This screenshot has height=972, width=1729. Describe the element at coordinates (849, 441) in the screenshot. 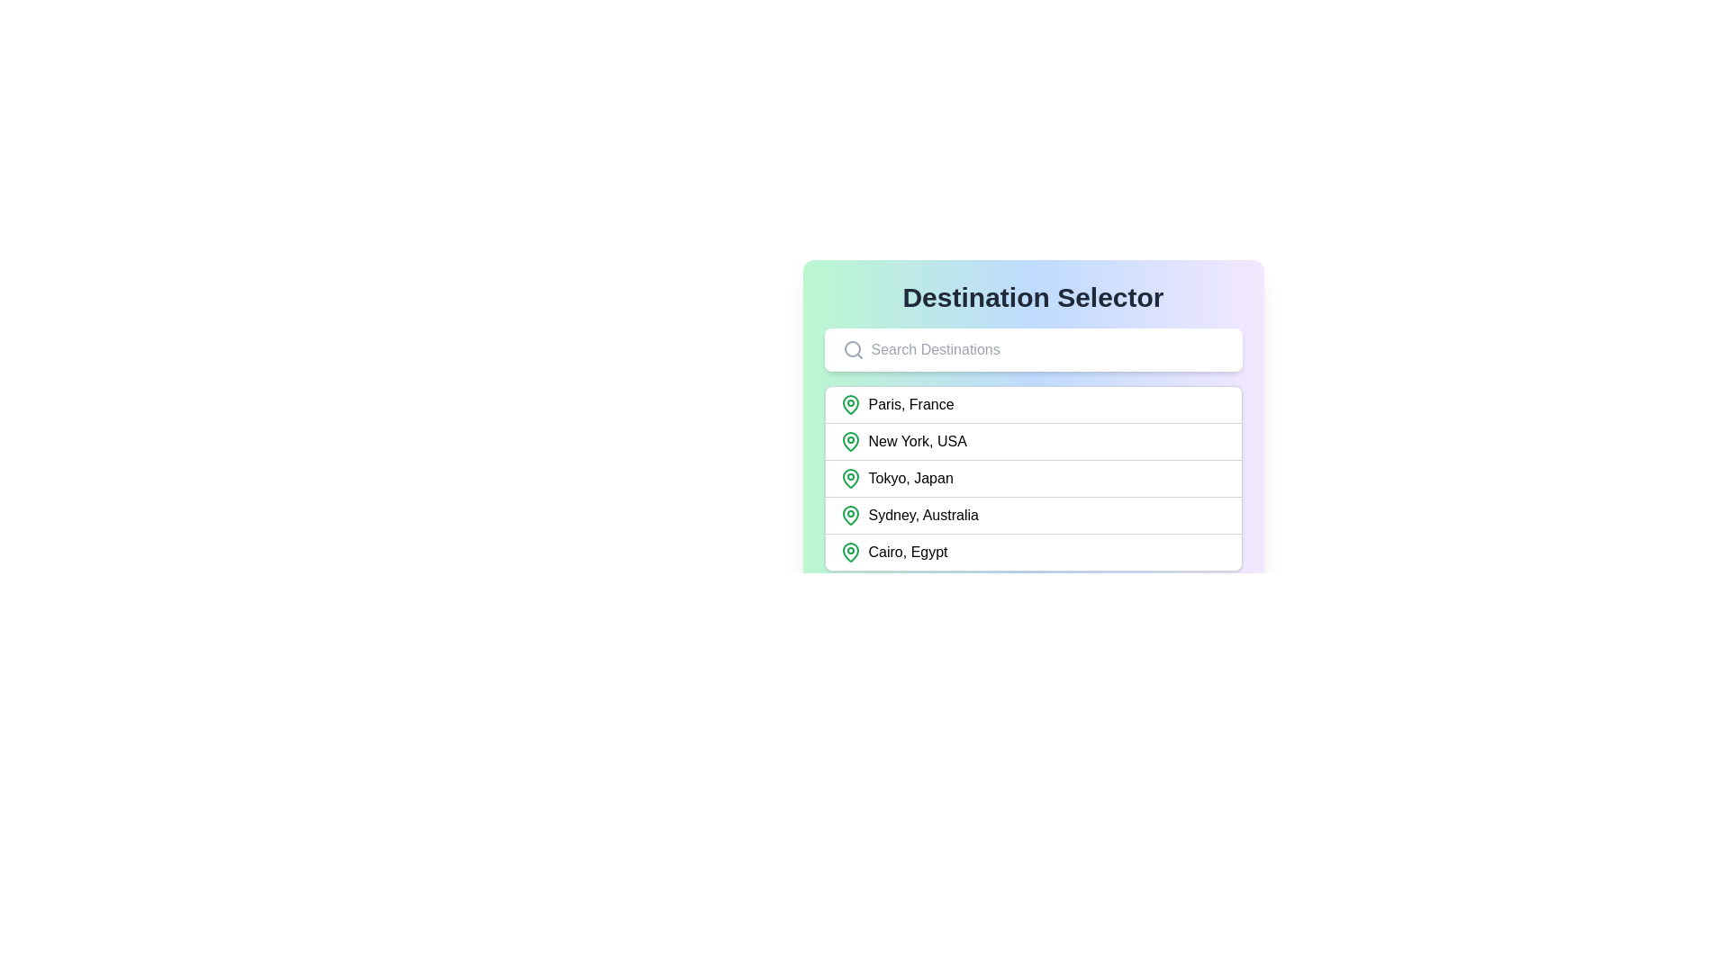

I see `the location pin icon with a green outline and white inner background, which is the leading icon in the second row labeled 'New York, USA'` at that location.